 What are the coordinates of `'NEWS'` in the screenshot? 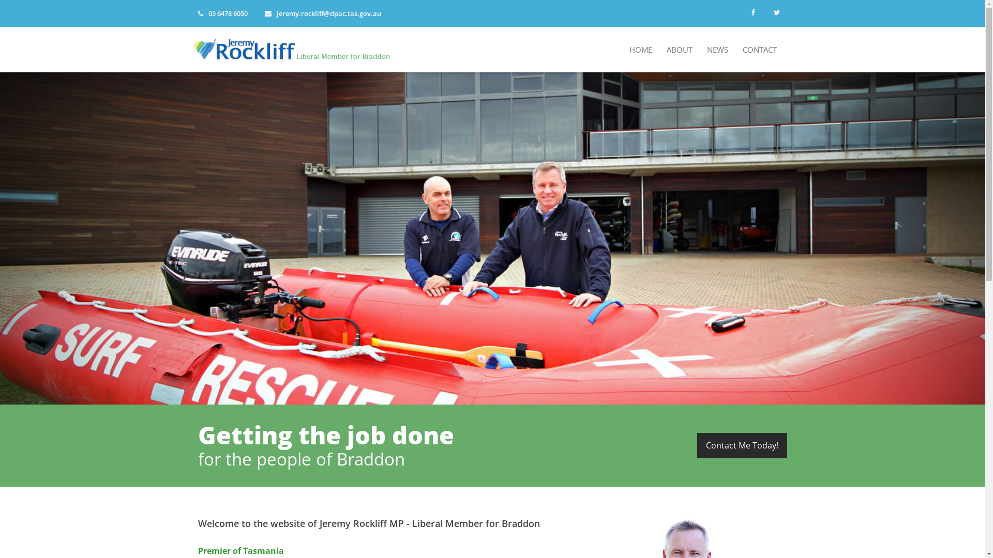 It's located at (717, 50).